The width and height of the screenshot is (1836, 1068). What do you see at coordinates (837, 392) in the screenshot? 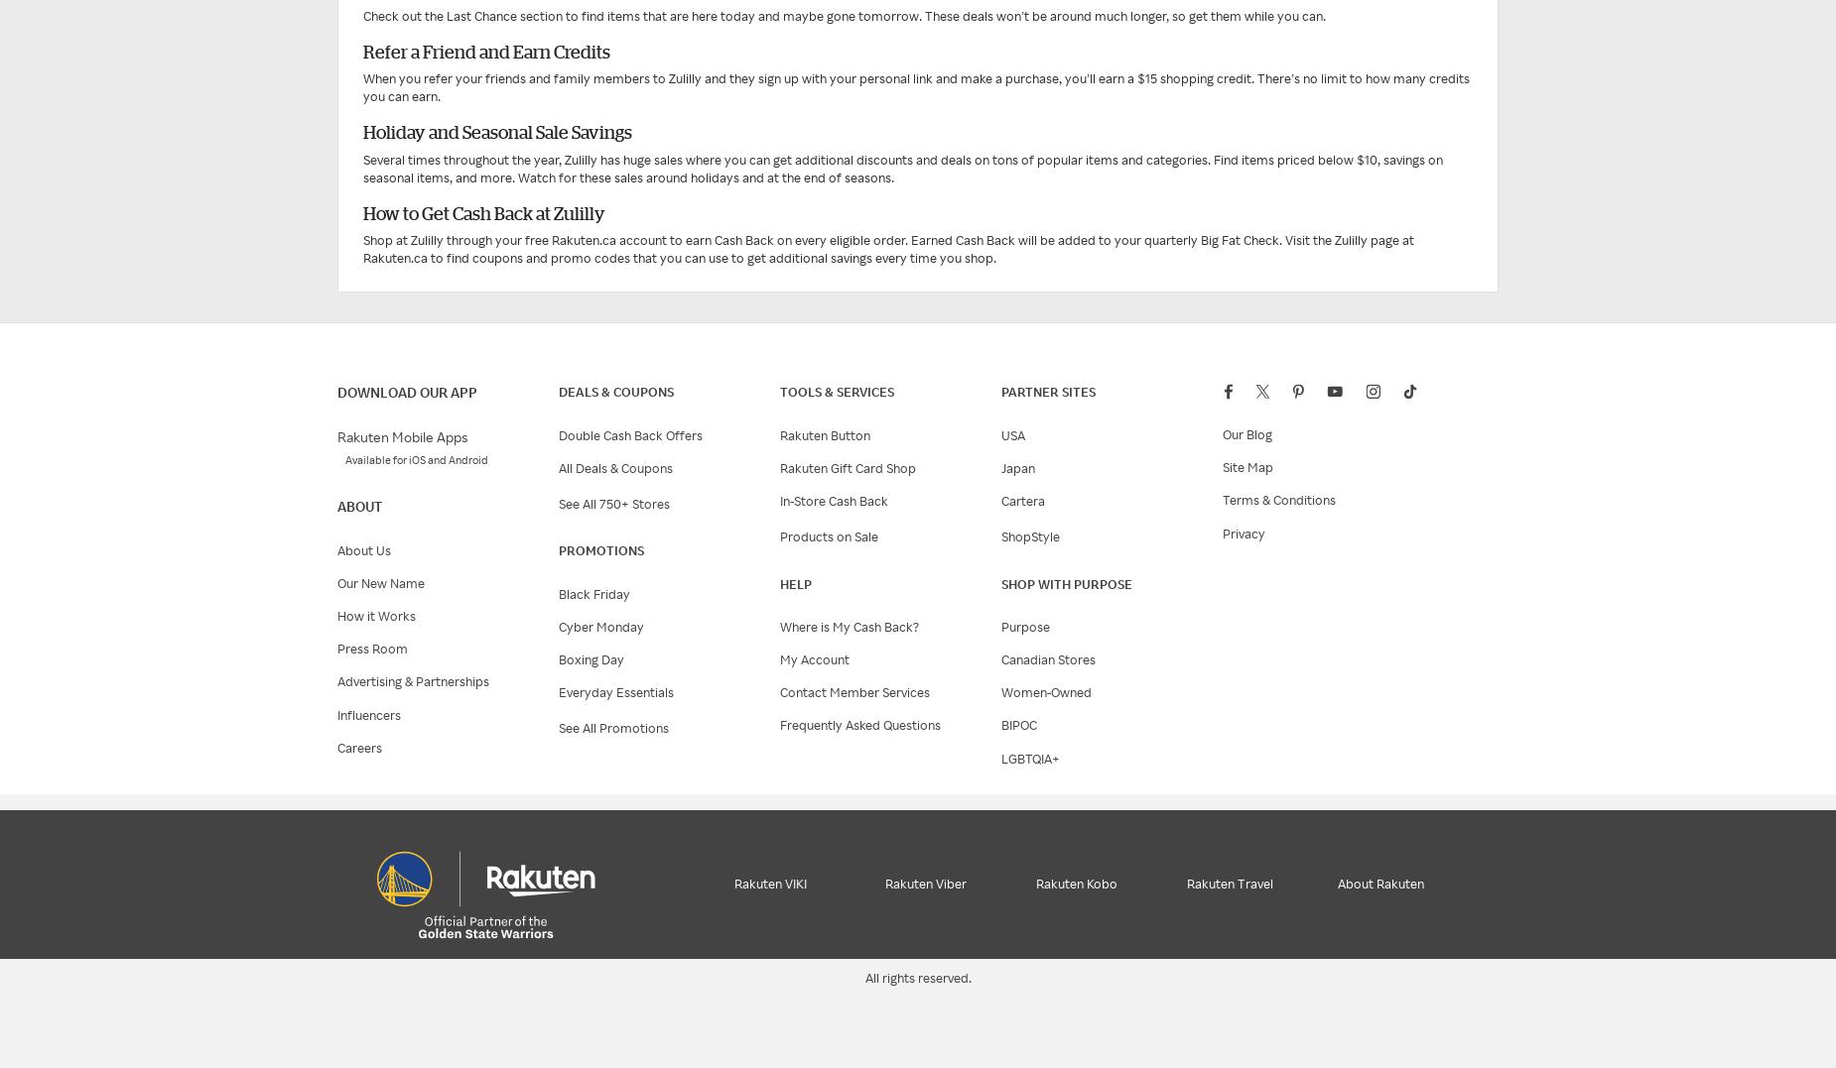
I see `'Tools & services'` at bounding box center [837, 392].